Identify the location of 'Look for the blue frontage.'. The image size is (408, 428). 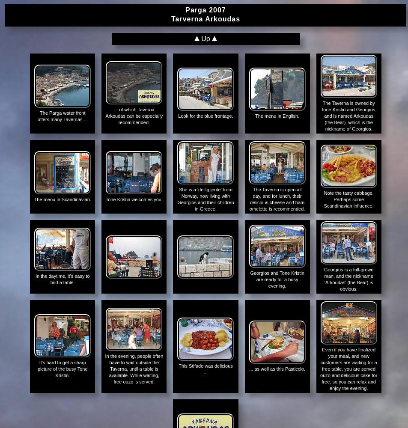
(205, 116).